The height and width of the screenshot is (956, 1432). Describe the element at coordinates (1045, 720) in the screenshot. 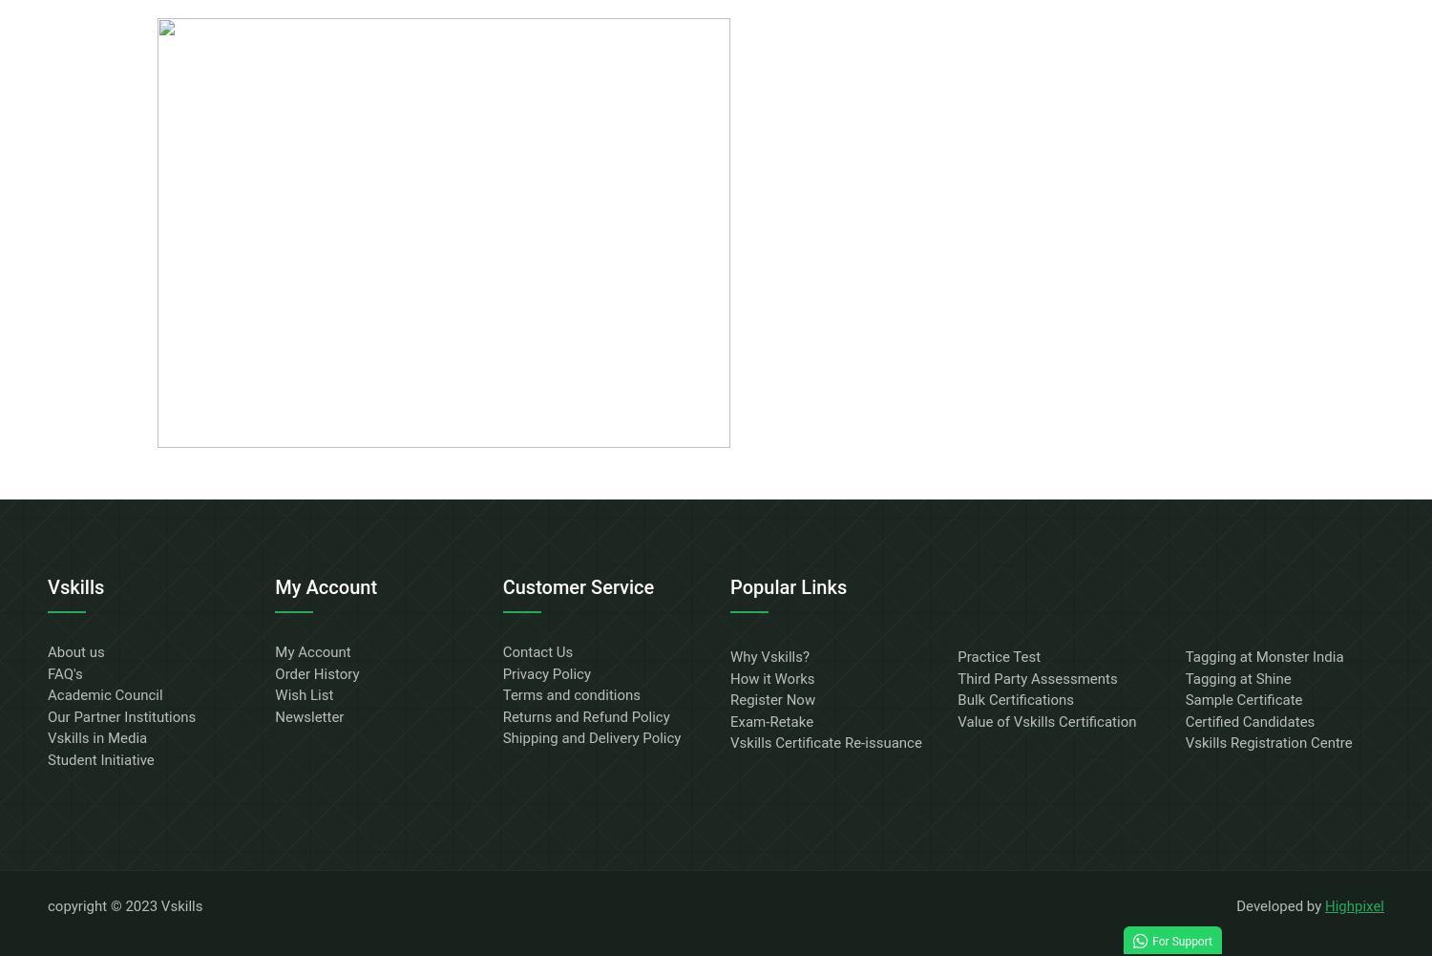

I see `'Value of Vskills Certification'` at that location.